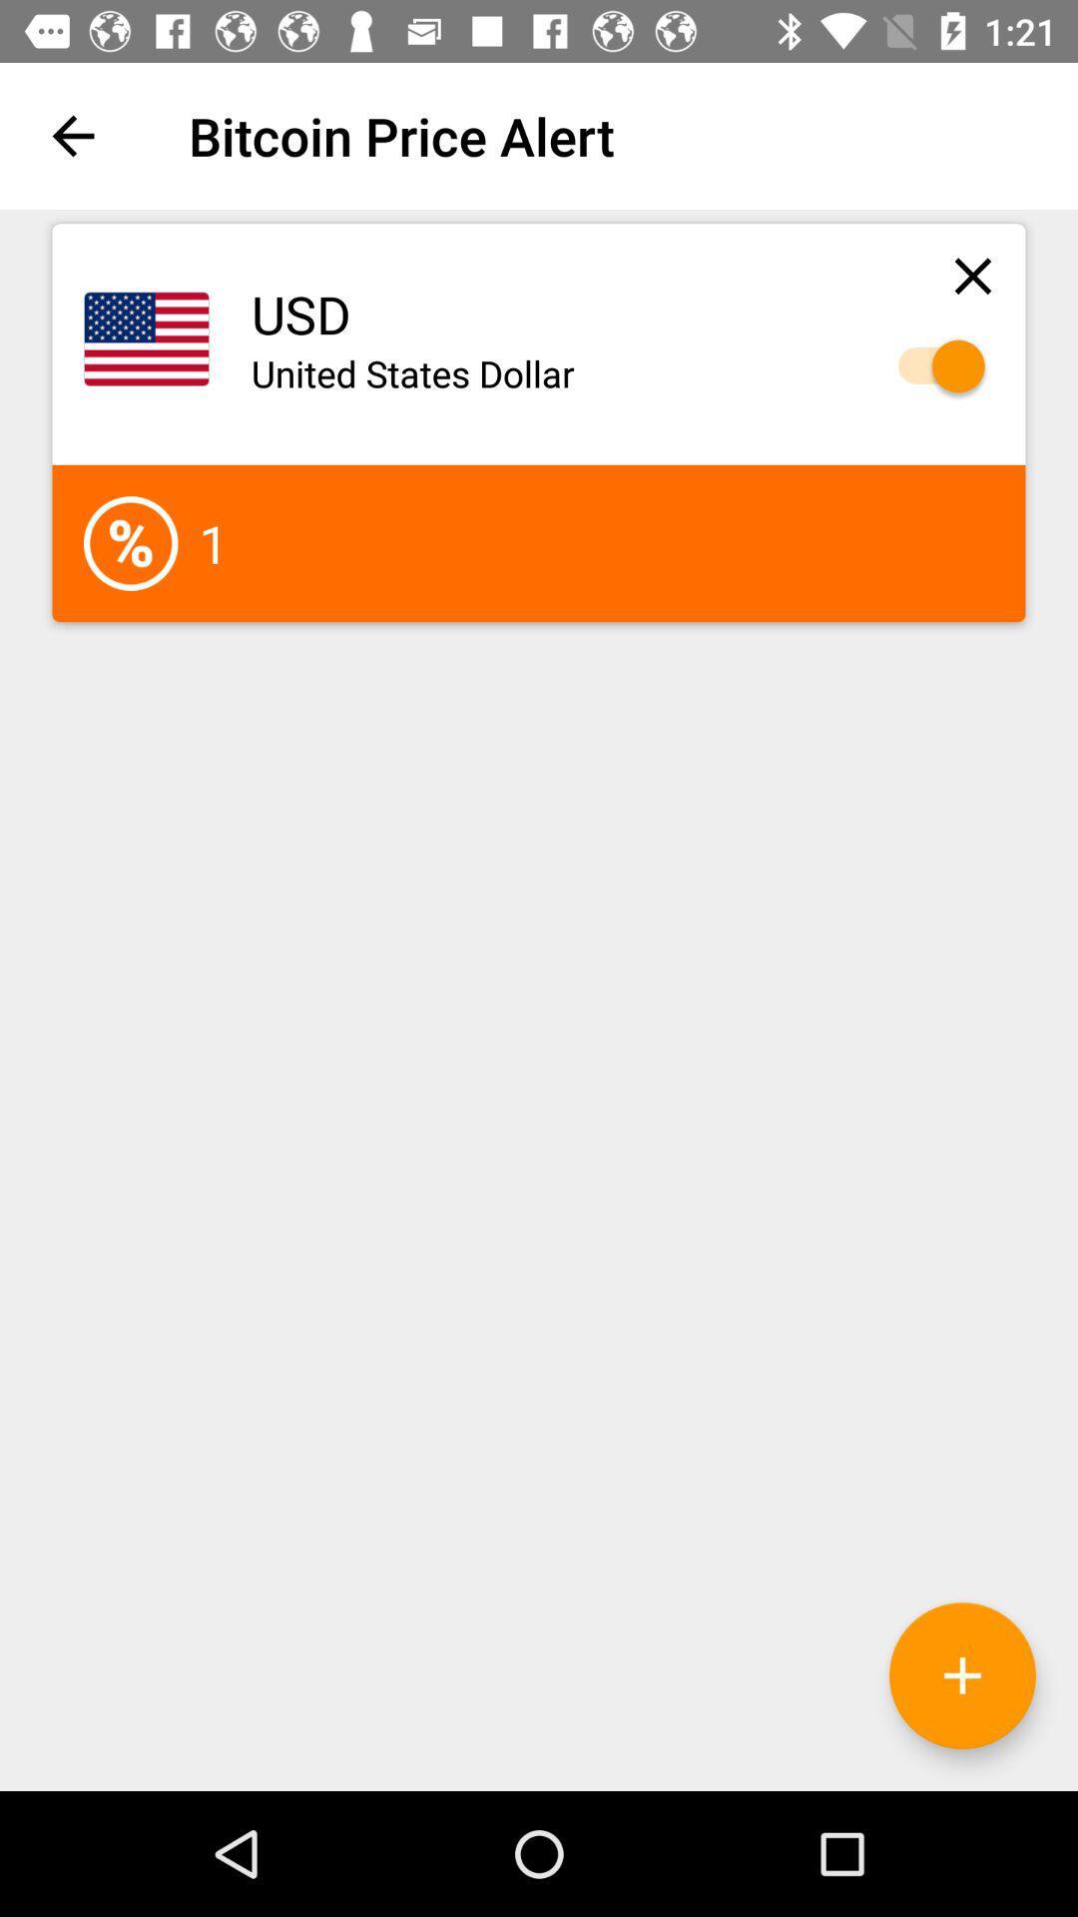  I want to click on the item to the left of bitcoin price alert icon, so click(72, 135).